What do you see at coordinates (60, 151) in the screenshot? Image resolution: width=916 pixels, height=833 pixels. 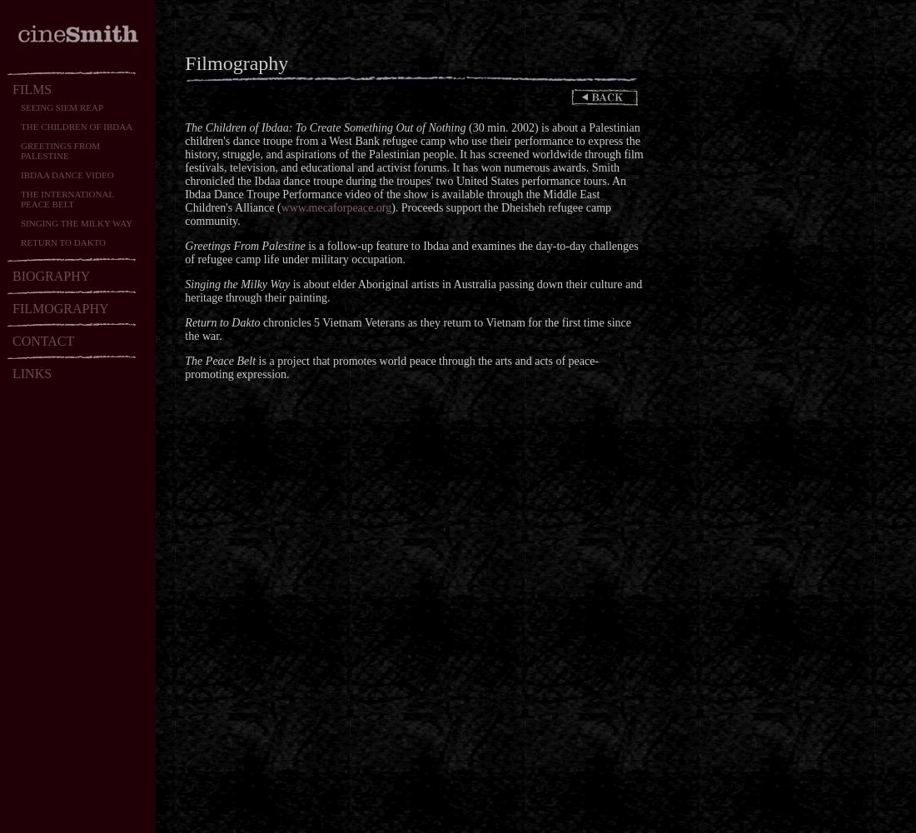 I see `'GREETINGS FROM PALESTINE'` at bounding box center [60, 151].